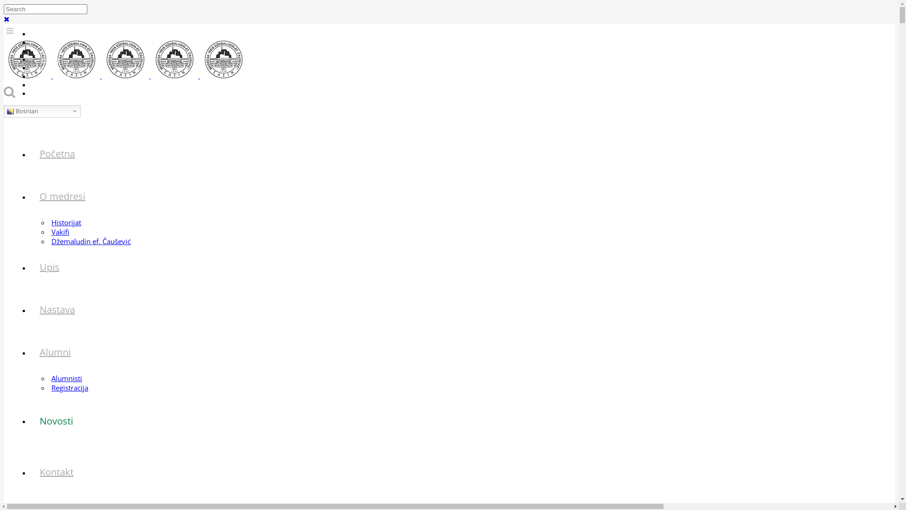 The width and height of the screenshot is (906, 510). I want to click on 'Arhiva', so click(45, 42).